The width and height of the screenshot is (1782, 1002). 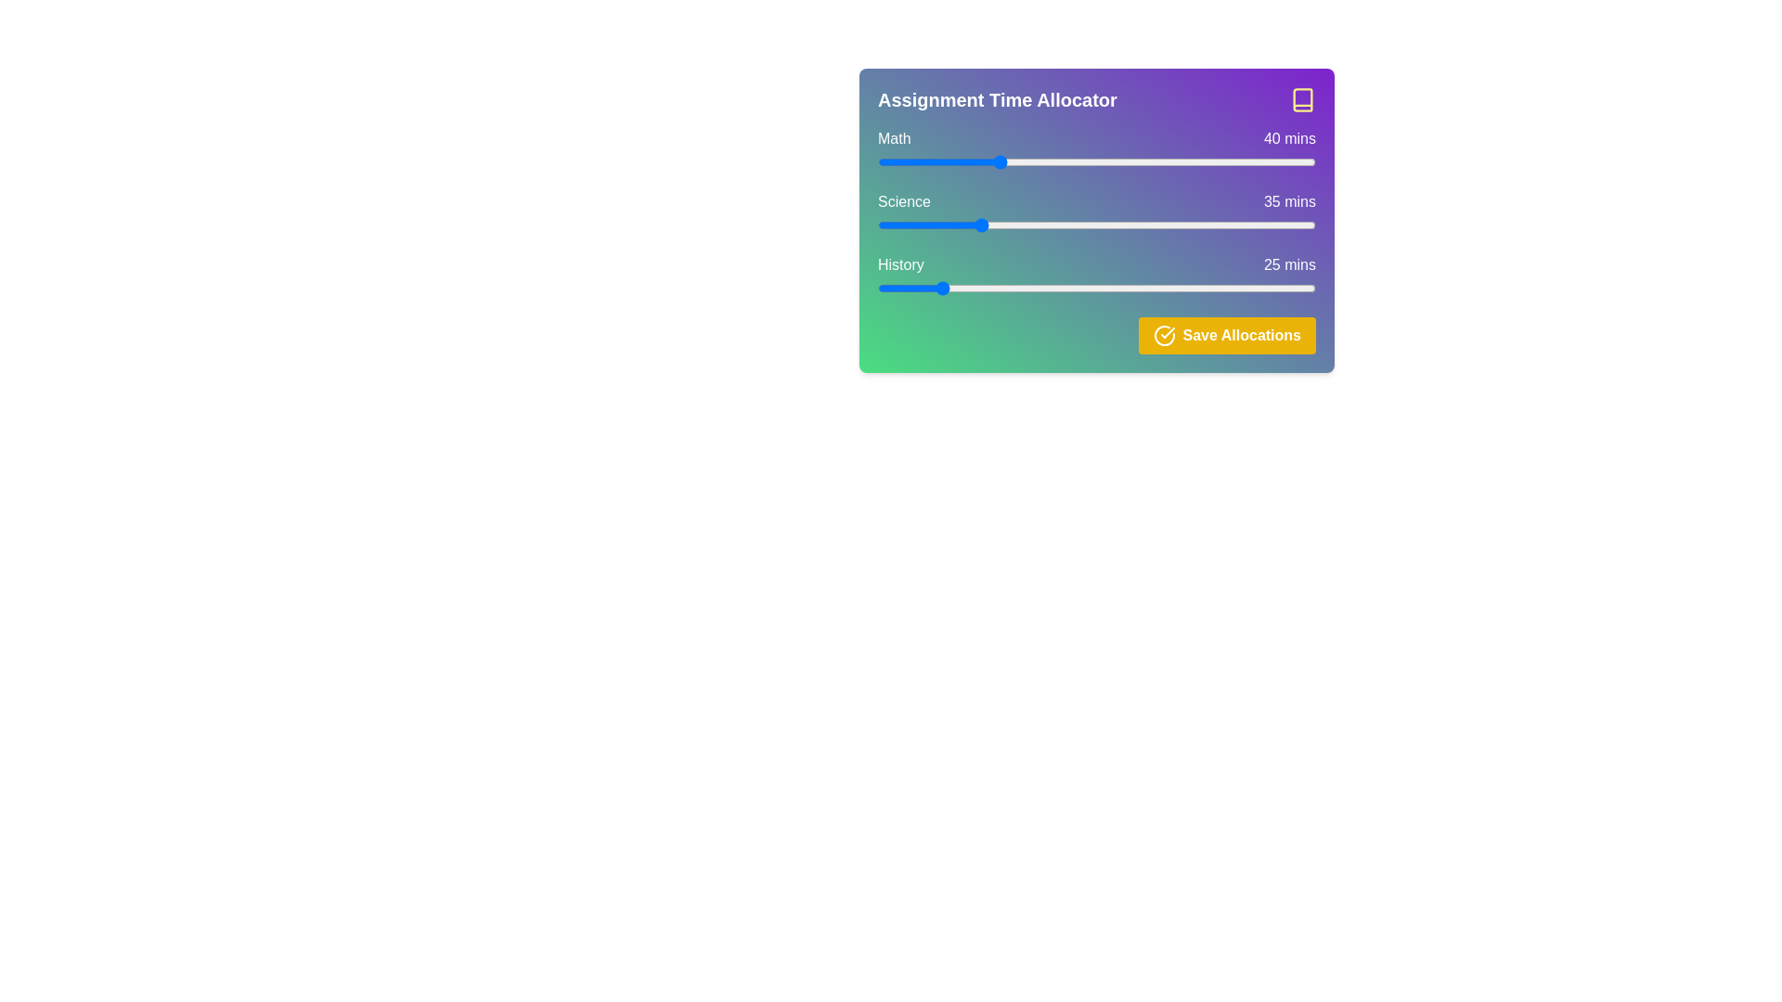 I want to click on allocation time, so click(x=1008, y=225).